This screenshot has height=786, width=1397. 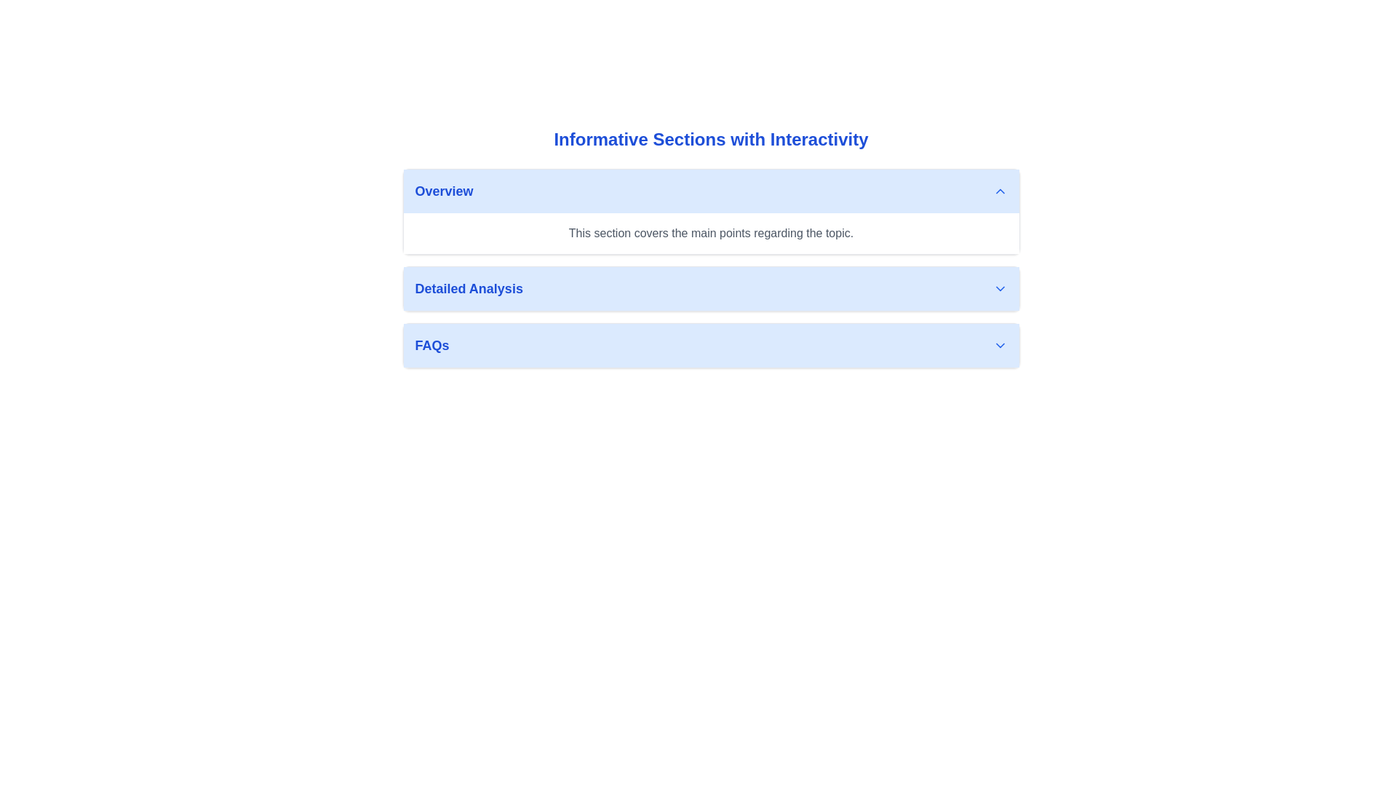 What do you see at coordinates (711, 190) in the screenshot?
I see `the 'Overview' button with a light blue background` at bounding box center [711, 190].